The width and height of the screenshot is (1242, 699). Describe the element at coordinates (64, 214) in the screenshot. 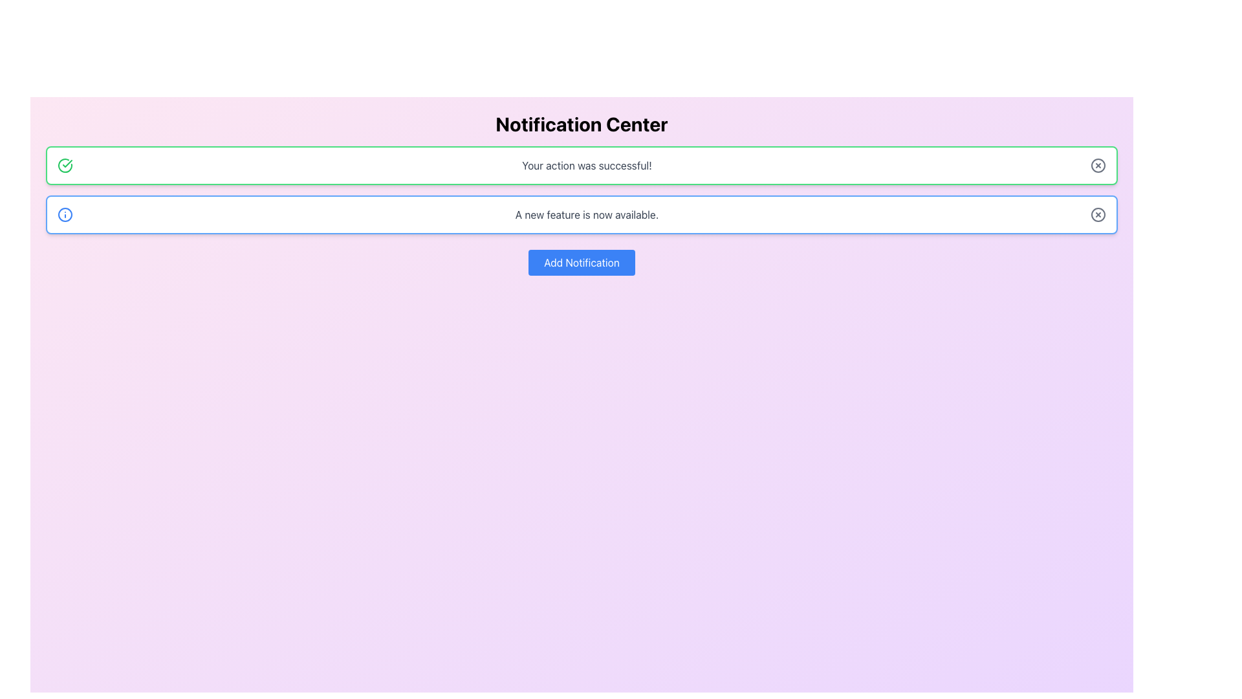

I see `the decorative Graphical Circle Component in the second notification bubble that emphasizes the notification 'A new feature is now available.'` at that location.